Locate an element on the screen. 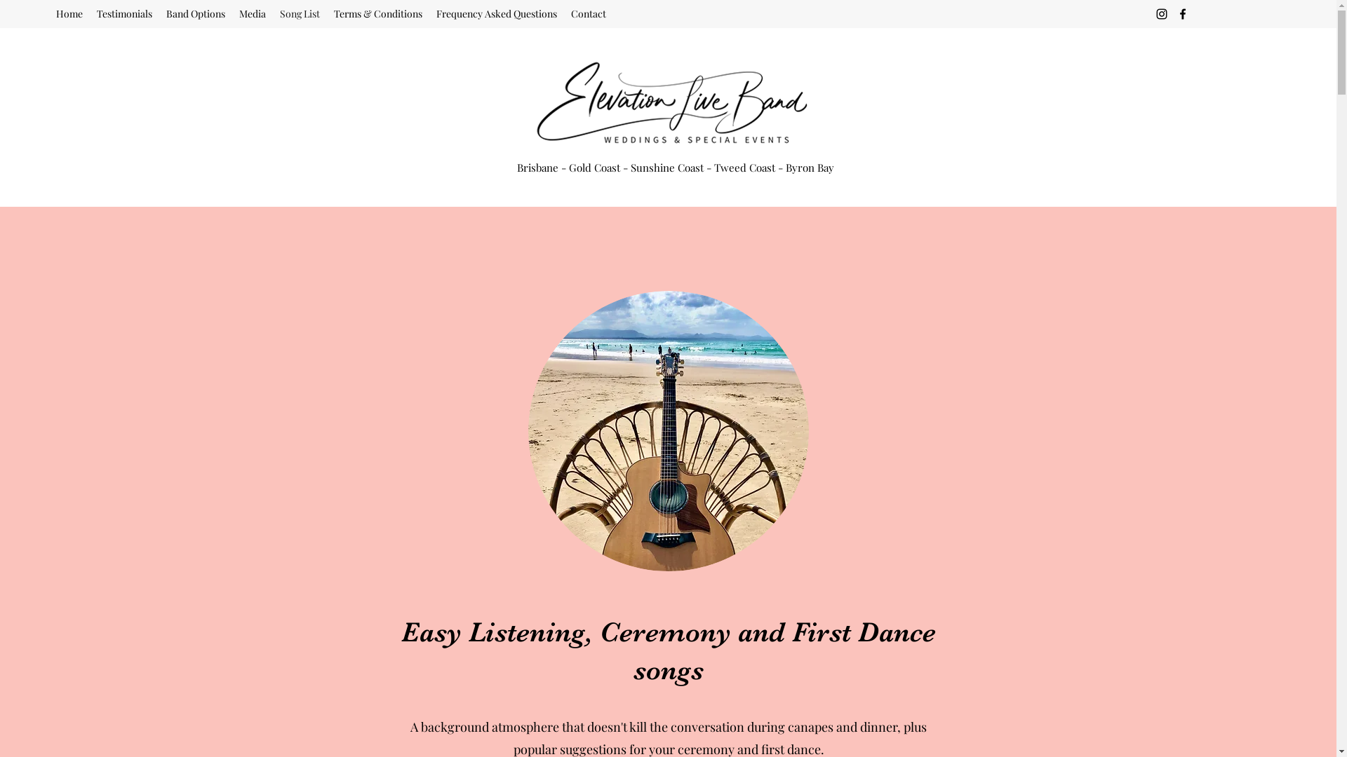  'Media' is located at coordinates (253, 13).